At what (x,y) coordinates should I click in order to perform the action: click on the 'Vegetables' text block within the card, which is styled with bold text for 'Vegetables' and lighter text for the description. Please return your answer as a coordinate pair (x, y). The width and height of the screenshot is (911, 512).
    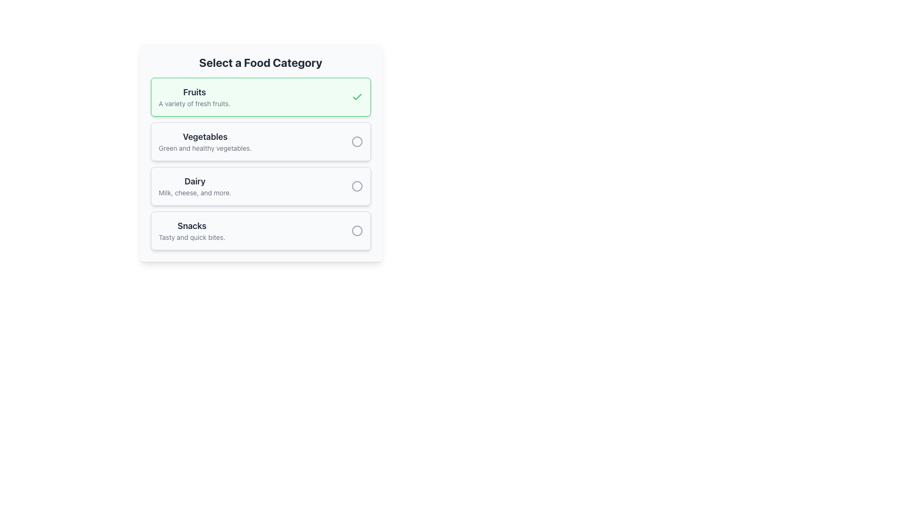
    Looking at the image, I should click on (205, 142).